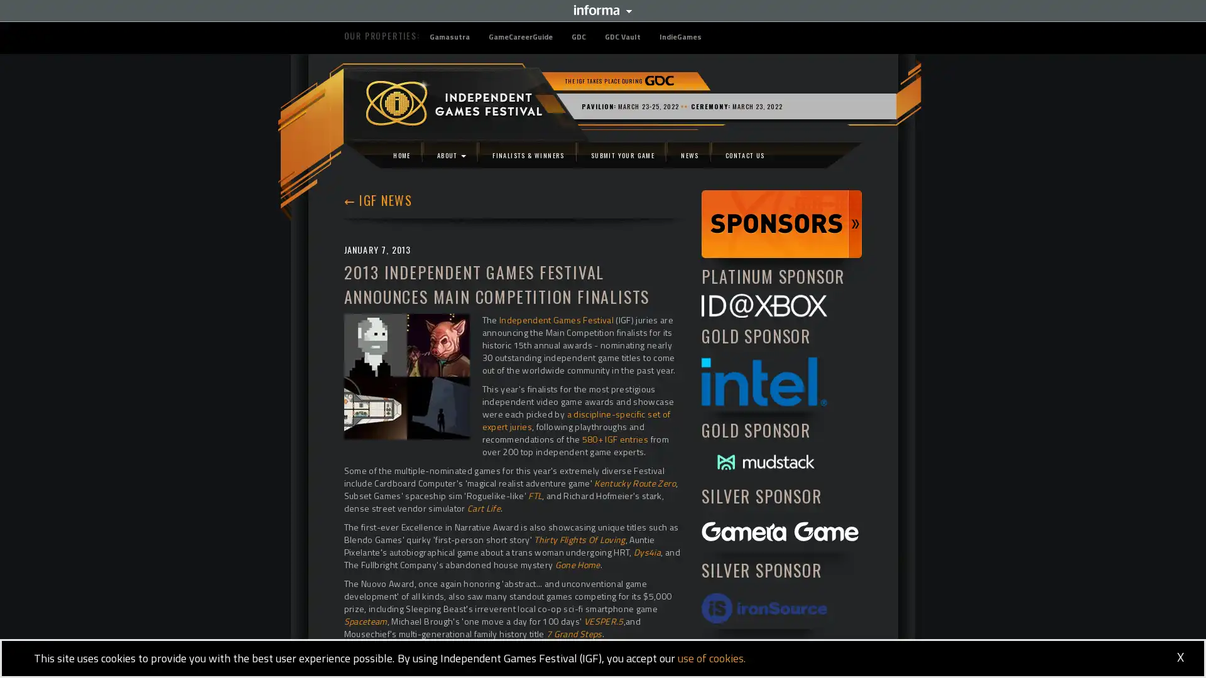 The width and height of the screenshot is (1206, 678). What do you see at coordinates (603, 9) in the screenshot?
I see `Informa` at bounding box center [603, 9].